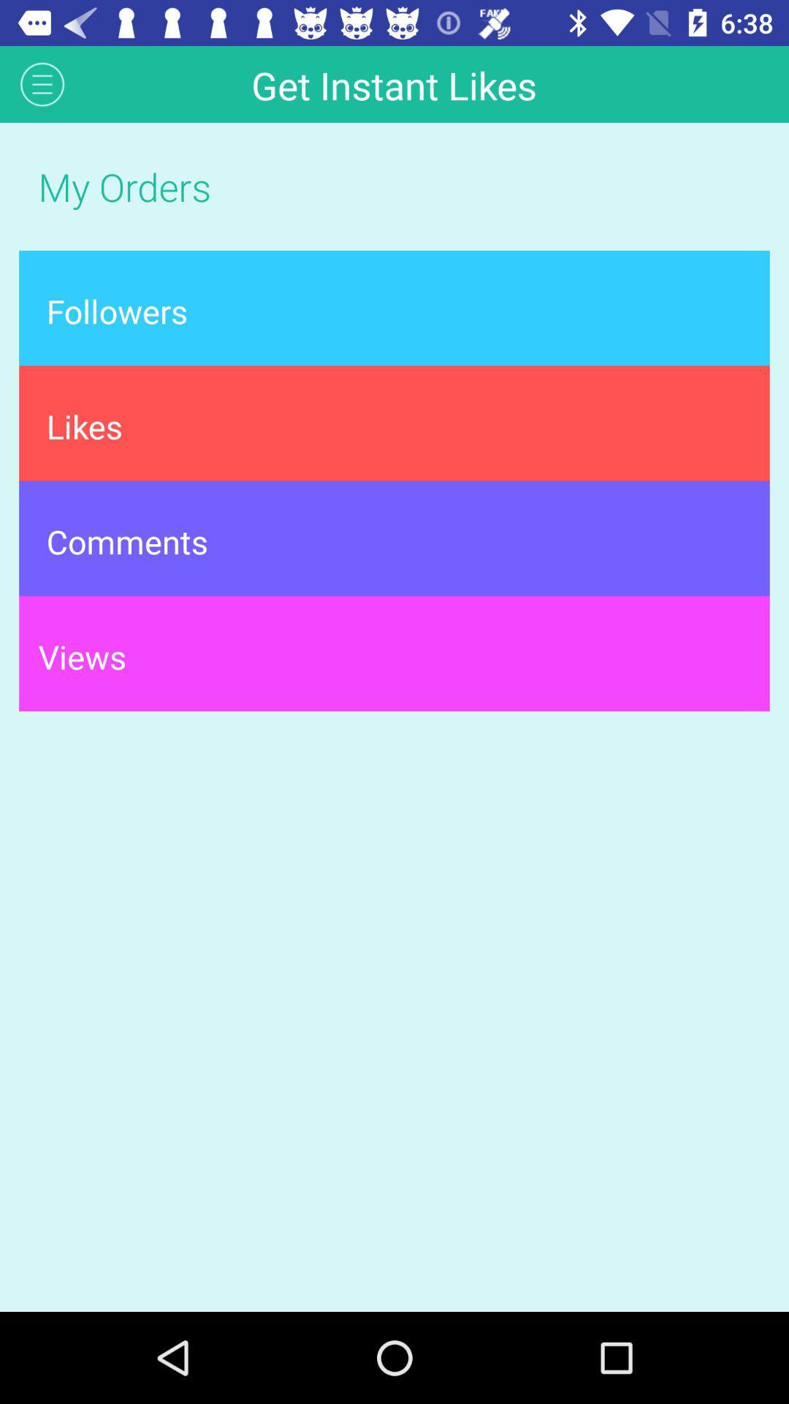  What do you see at coordinates (394, 537) in the screenshot?
I see `the  comments item` at bounding box center [394, 537].